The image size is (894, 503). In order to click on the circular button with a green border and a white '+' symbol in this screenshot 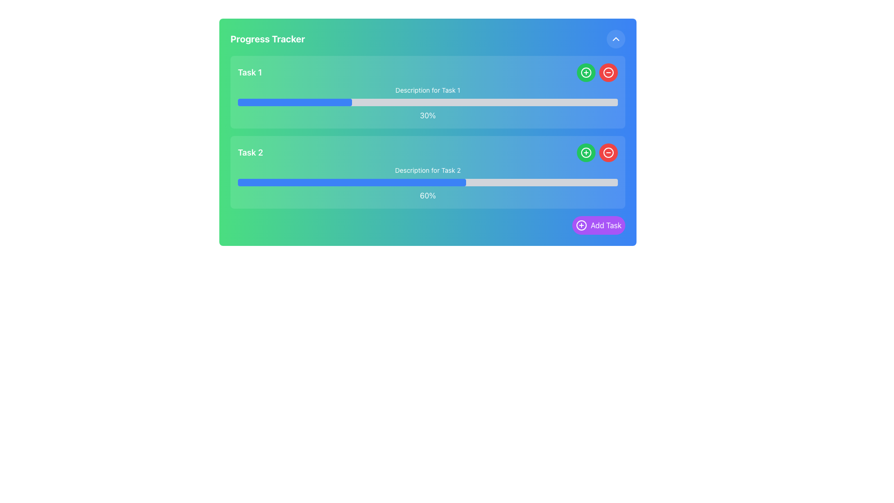, I will do `click(585, 152)`.